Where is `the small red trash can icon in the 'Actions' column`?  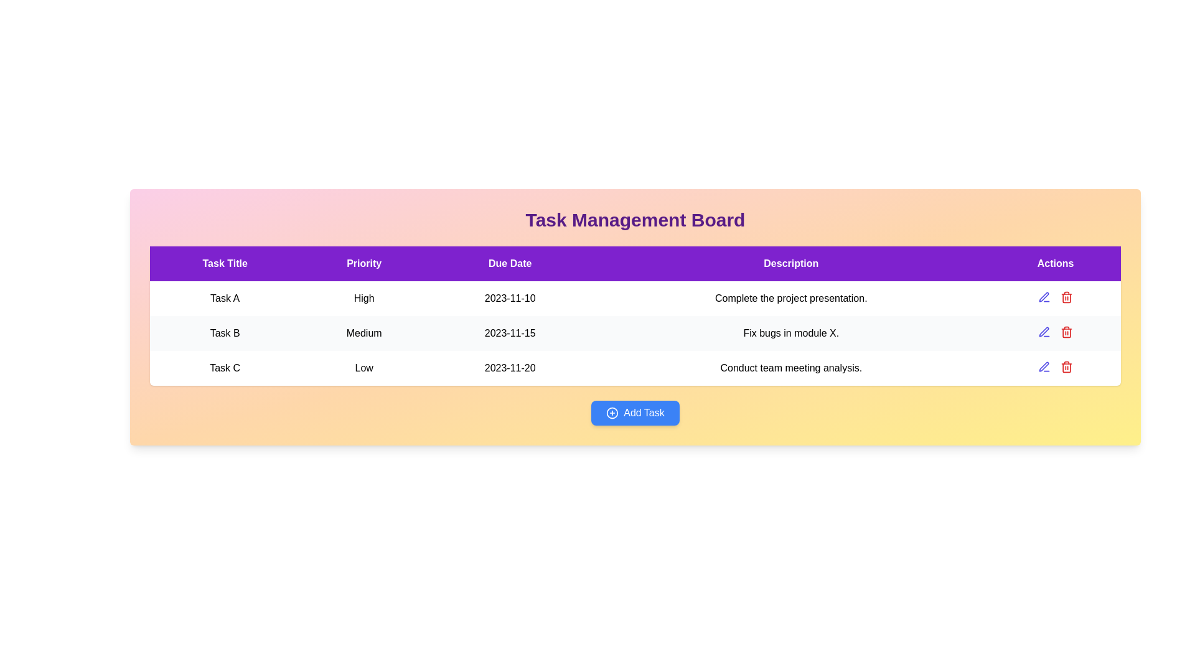 the small red trash can icon in the 'Actions' column is located at coordinates (1066, 366).